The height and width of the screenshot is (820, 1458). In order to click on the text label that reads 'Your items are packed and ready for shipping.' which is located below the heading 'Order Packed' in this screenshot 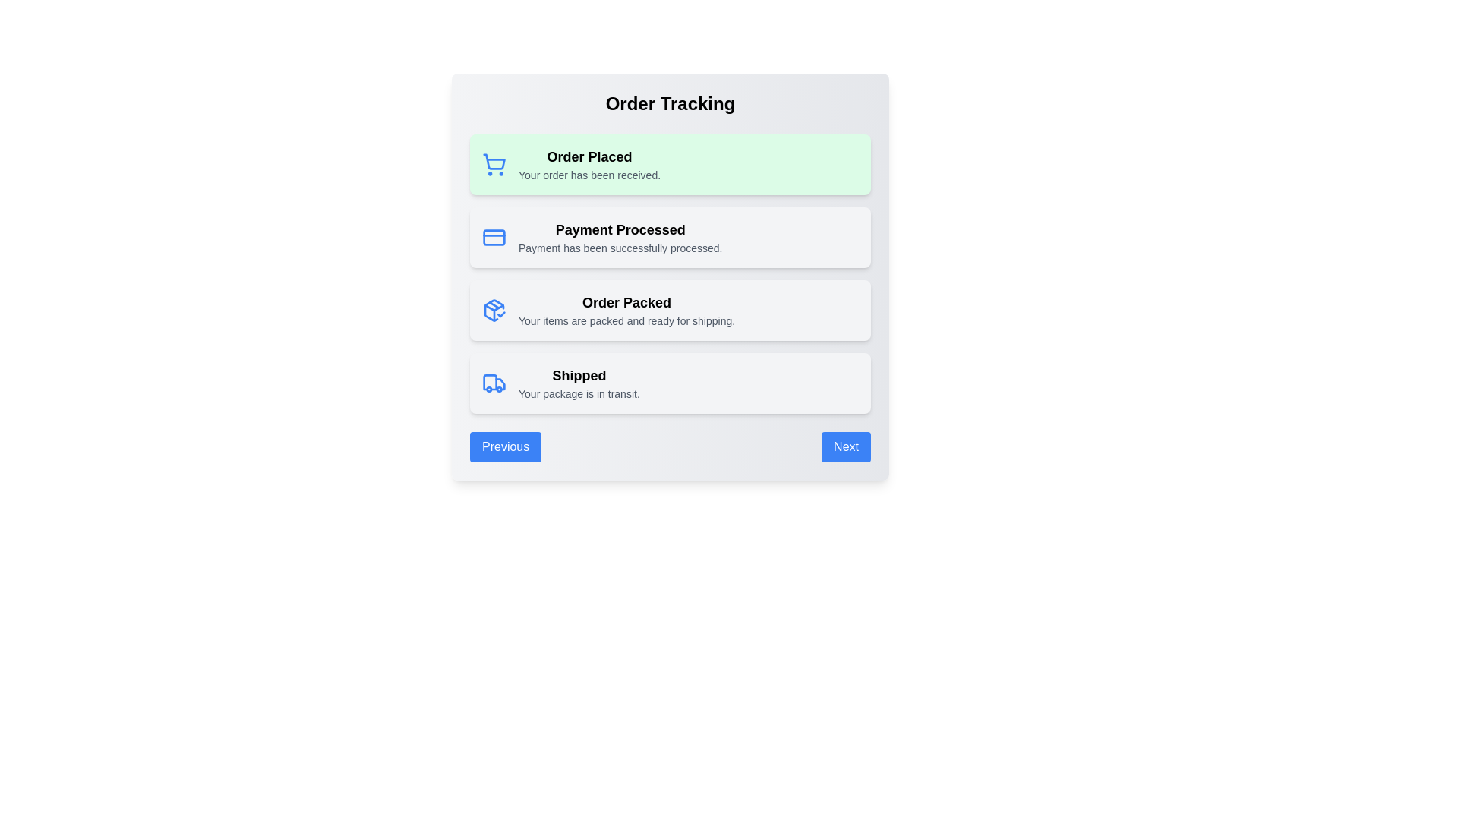, I will do `click(626, 320)`.